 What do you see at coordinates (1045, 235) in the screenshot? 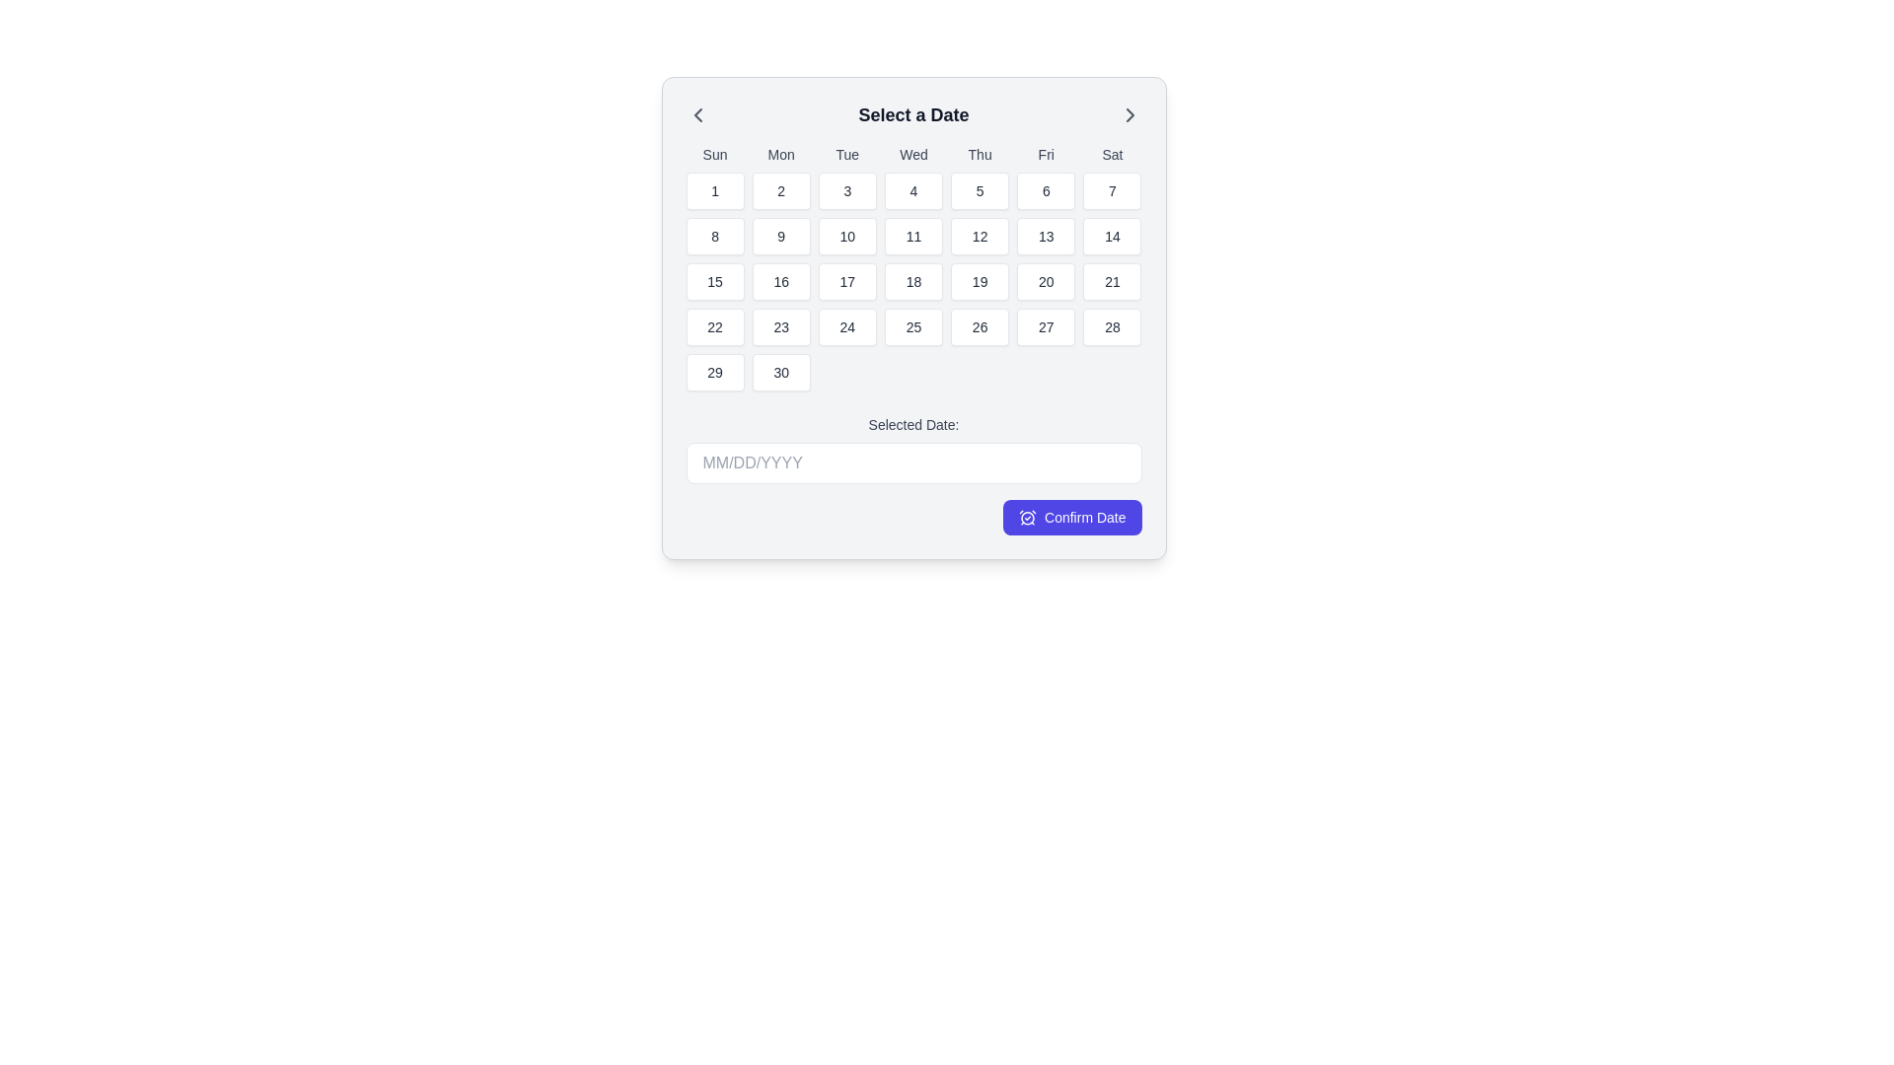
I see `the button labeled '13' in the calendar grid for Friday` at bounding box center [1045, 235].